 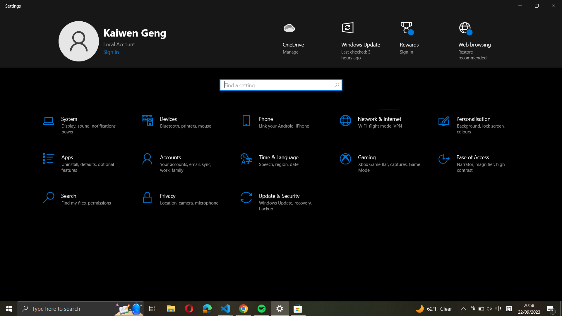 What do you see at coordinates (280, 85) in the screenshot?
I see `"Windows Hello" by searching, selecting the first result using keyboard arrows and entering` at bounding box center [280, 85].